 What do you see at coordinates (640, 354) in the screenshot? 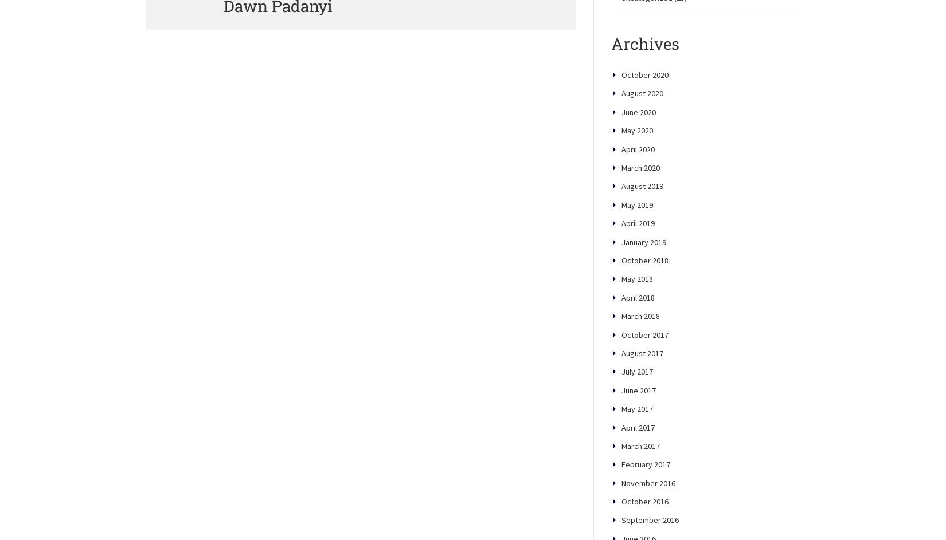
I see `'March 2018'` at bounding box center [640, 354].